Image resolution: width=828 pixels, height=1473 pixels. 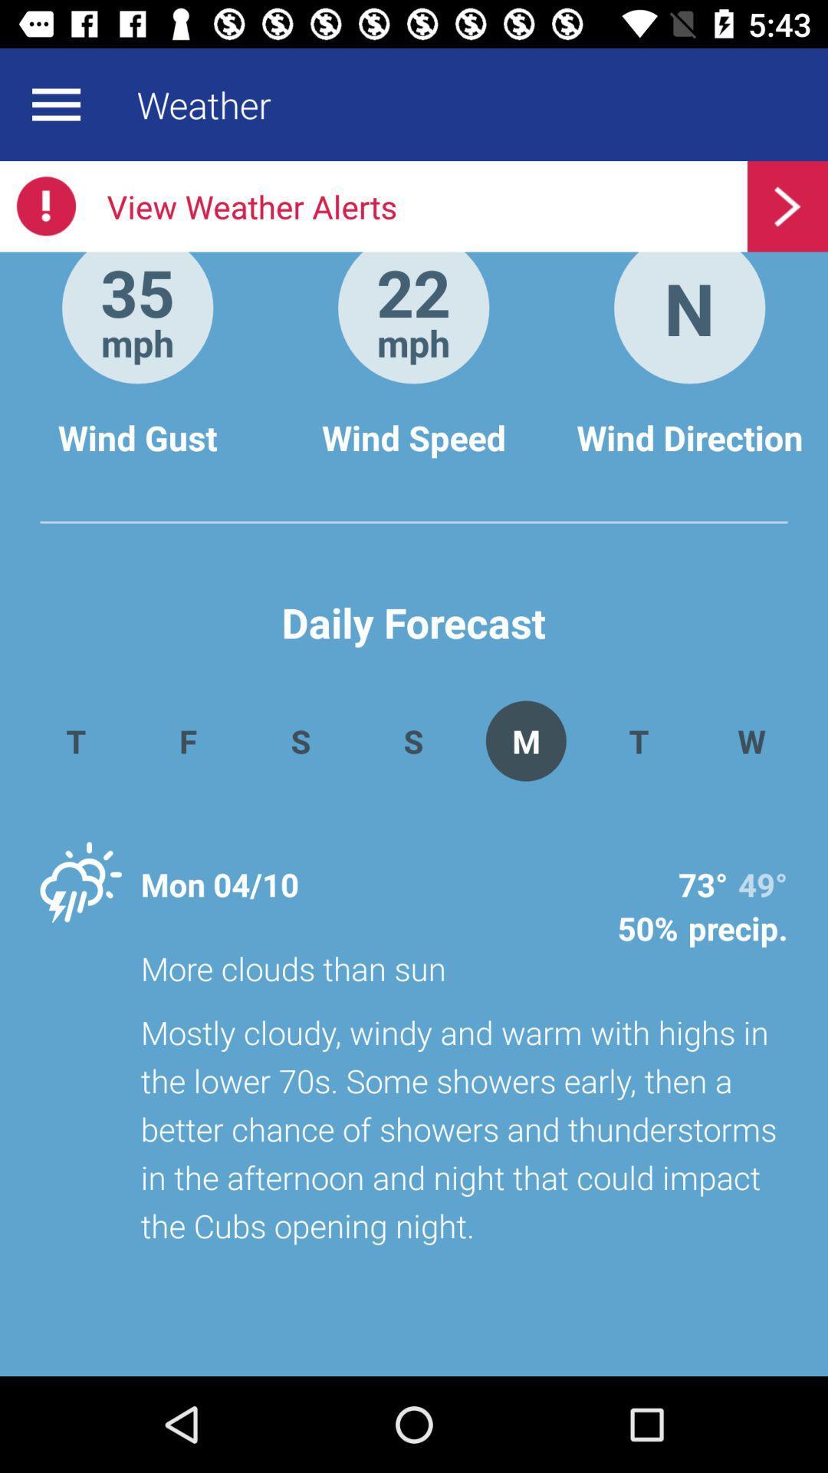 I want to click on the menu icon, so click(x=55, y=104).